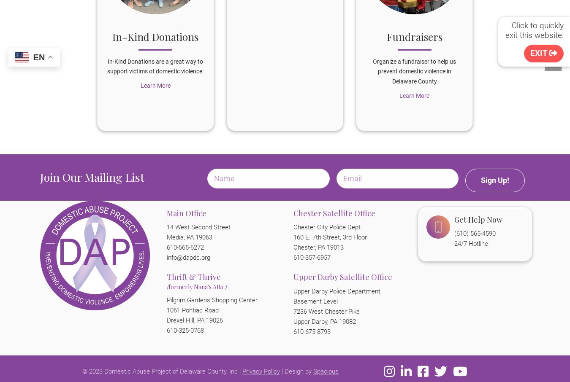 The width and height of the screenshot is (570, 382). I want to click on 'Chester Satellite Office', so click(334, 213).